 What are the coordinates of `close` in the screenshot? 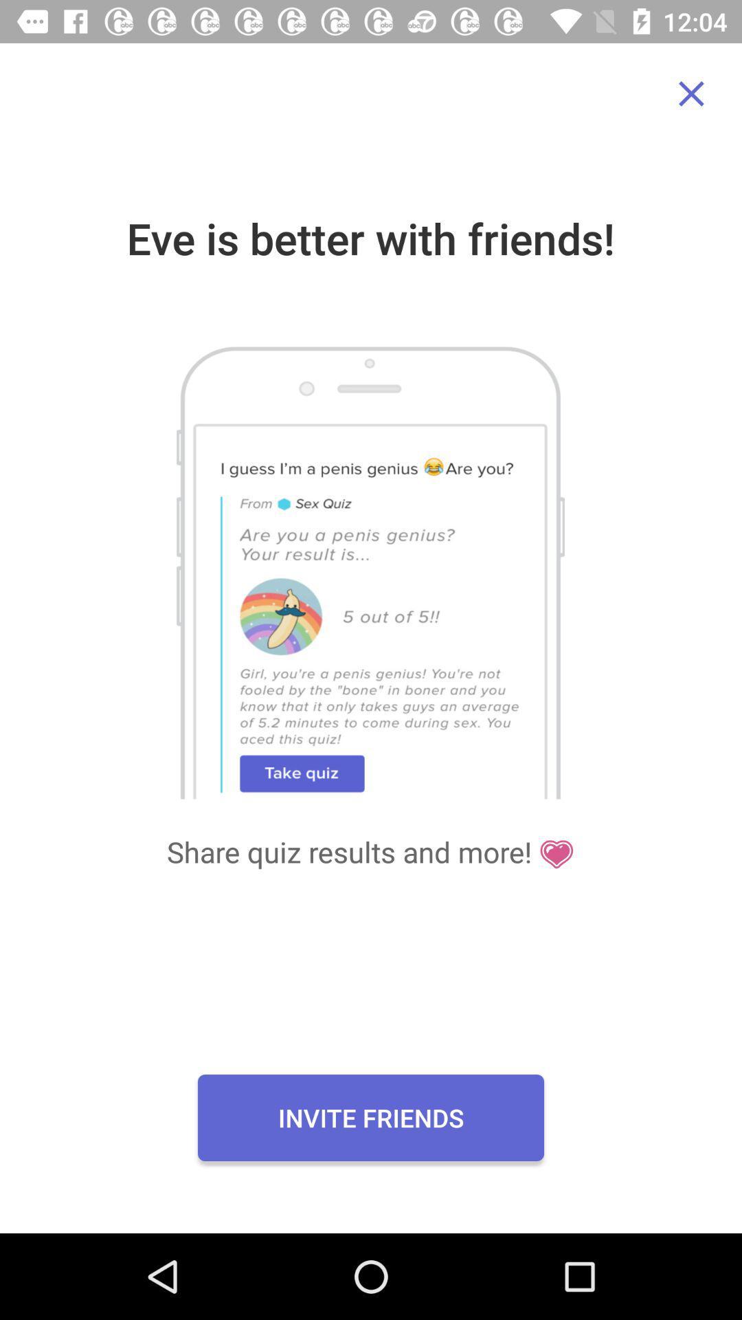 It's located at (691, 93).